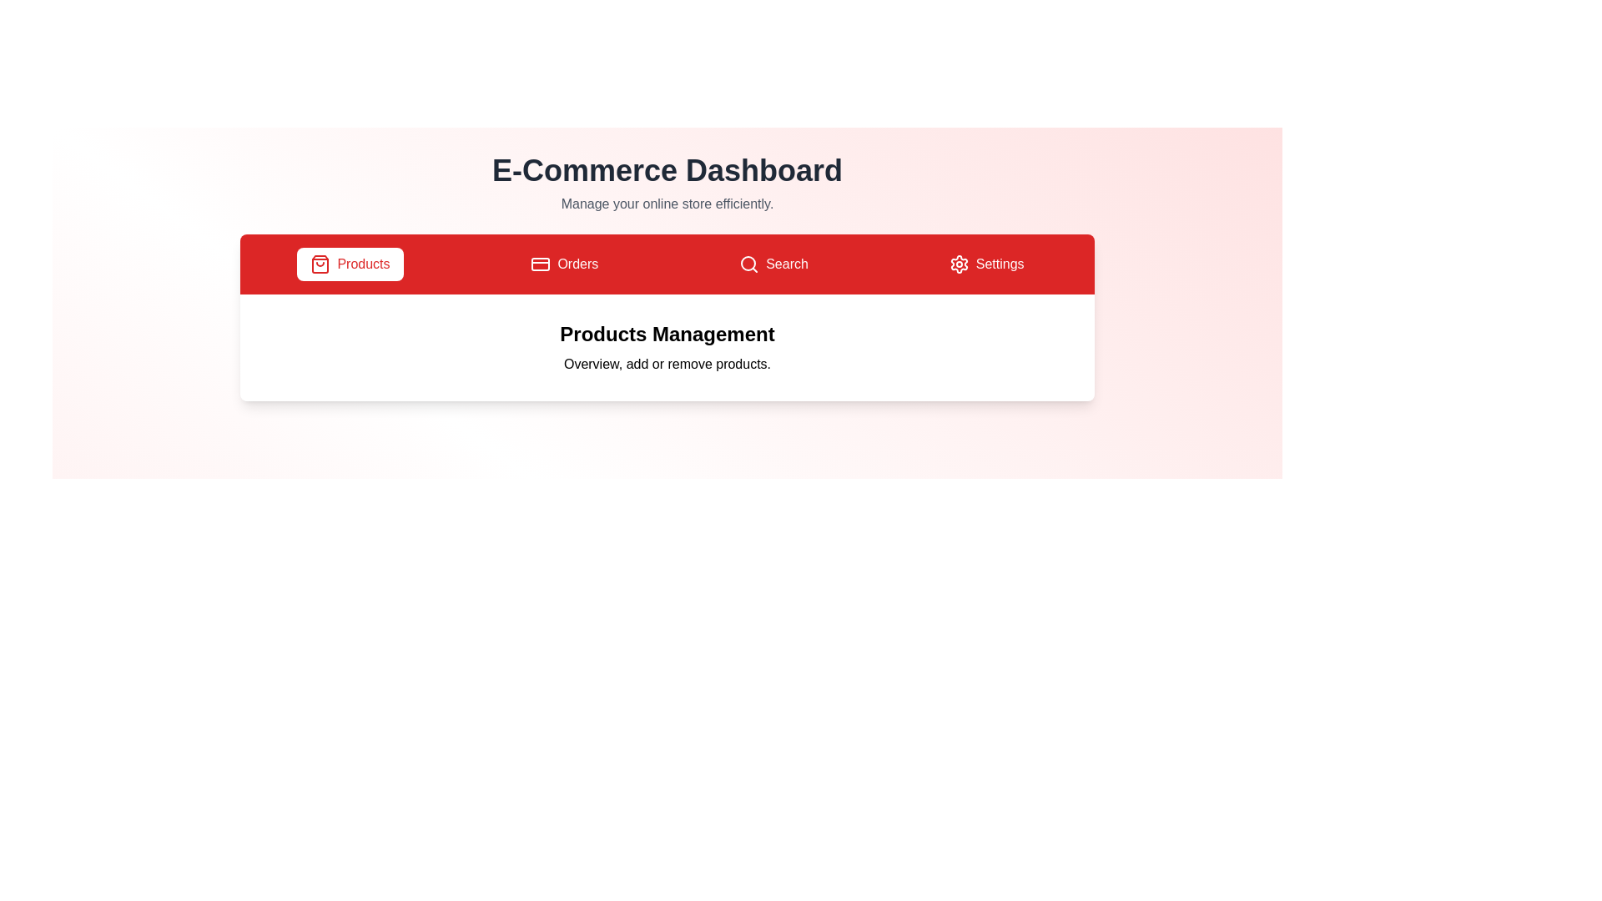  What do you see at coordinates (667, 204) in the screenshot?
I see `text element located directly underneath the title 'E-Commerce Dashboard', which provides additional context related to the dashboard interface` at bounding box center [667, 204].